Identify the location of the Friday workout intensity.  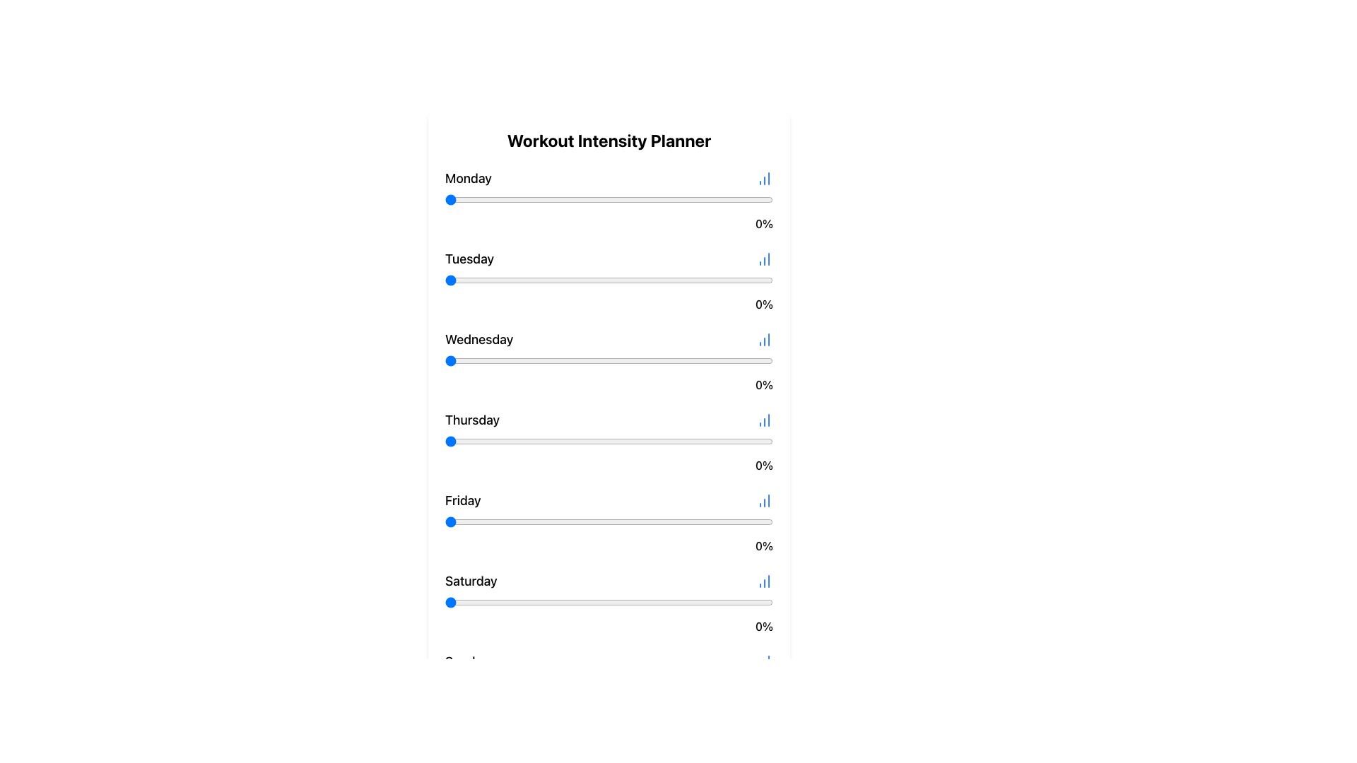
(546, 522).